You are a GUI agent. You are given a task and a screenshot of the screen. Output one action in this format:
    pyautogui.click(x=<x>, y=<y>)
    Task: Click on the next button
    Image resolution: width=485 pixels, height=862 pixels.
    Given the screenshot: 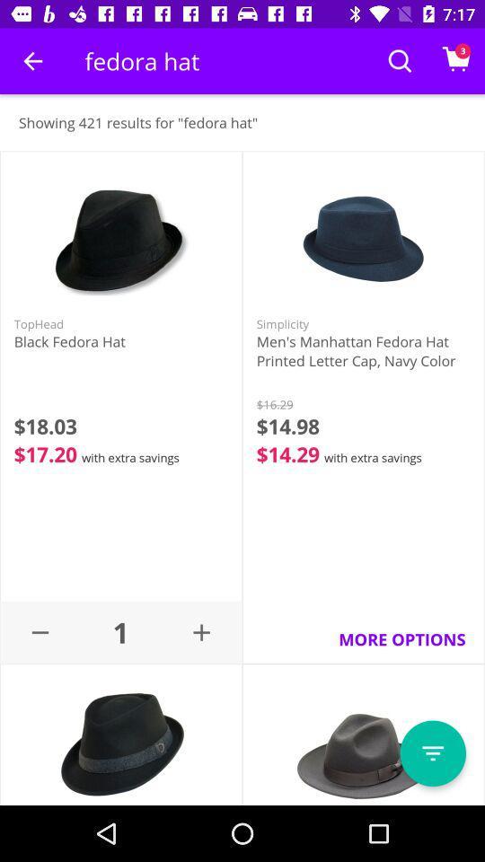 What is the action you would take?
    pyautogui.click(x=432, y=753)
    